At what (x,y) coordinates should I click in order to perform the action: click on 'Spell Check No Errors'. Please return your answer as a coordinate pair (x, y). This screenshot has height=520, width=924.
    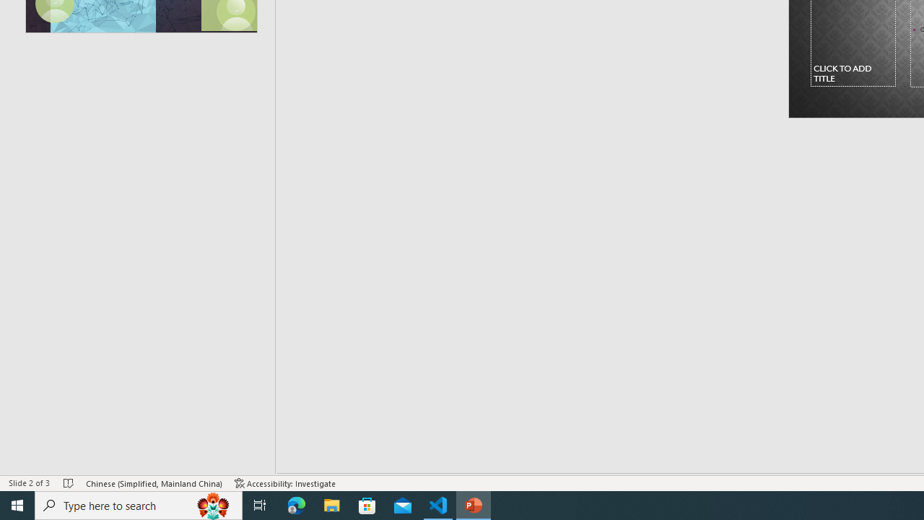
    Looking at the image, I should click on (69, 483).